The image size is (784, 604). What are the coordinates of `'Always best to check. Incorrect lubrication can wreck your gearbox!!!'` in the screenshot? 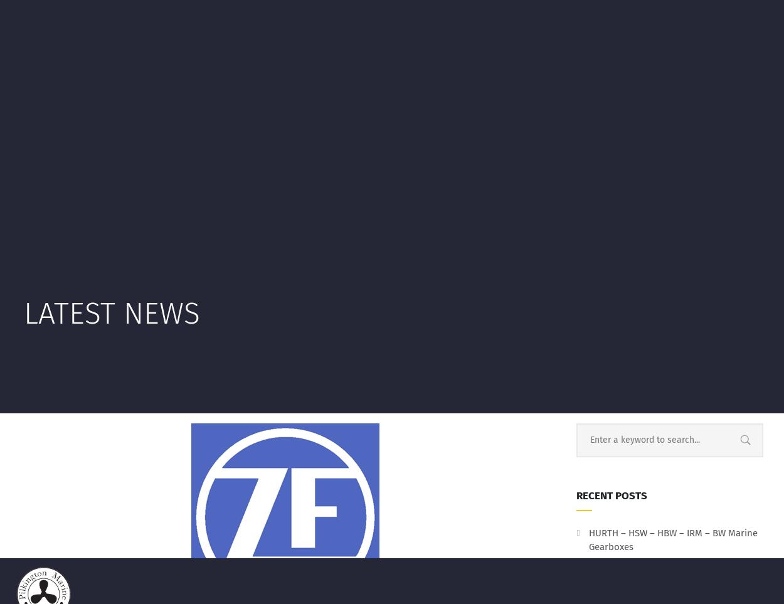 It's located at (171, 584).